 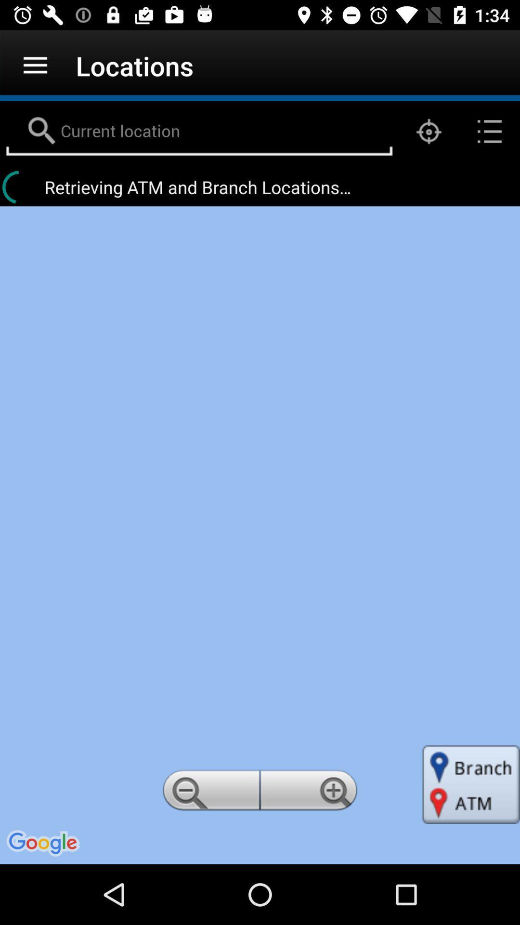 I want to click on this is for zoom out the display page, so click(x=209, y=793).